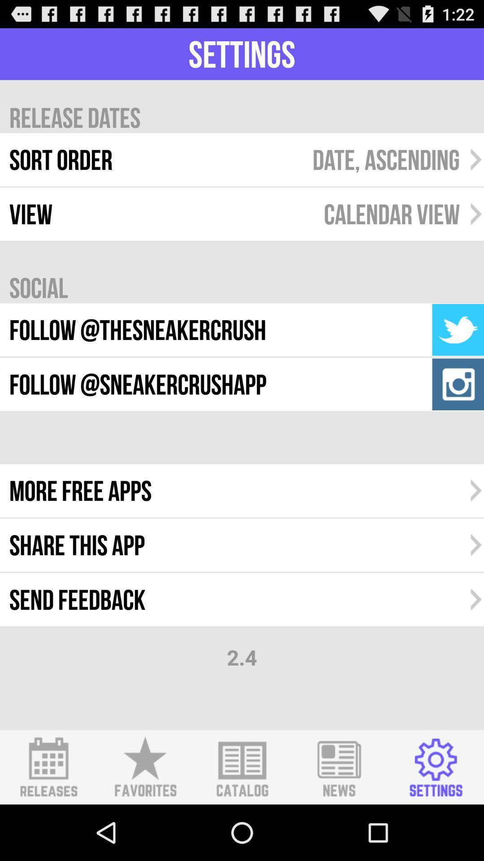  Describe the element at coordinates (435, 767) in the screenshot. I see `switch settings` at that location.